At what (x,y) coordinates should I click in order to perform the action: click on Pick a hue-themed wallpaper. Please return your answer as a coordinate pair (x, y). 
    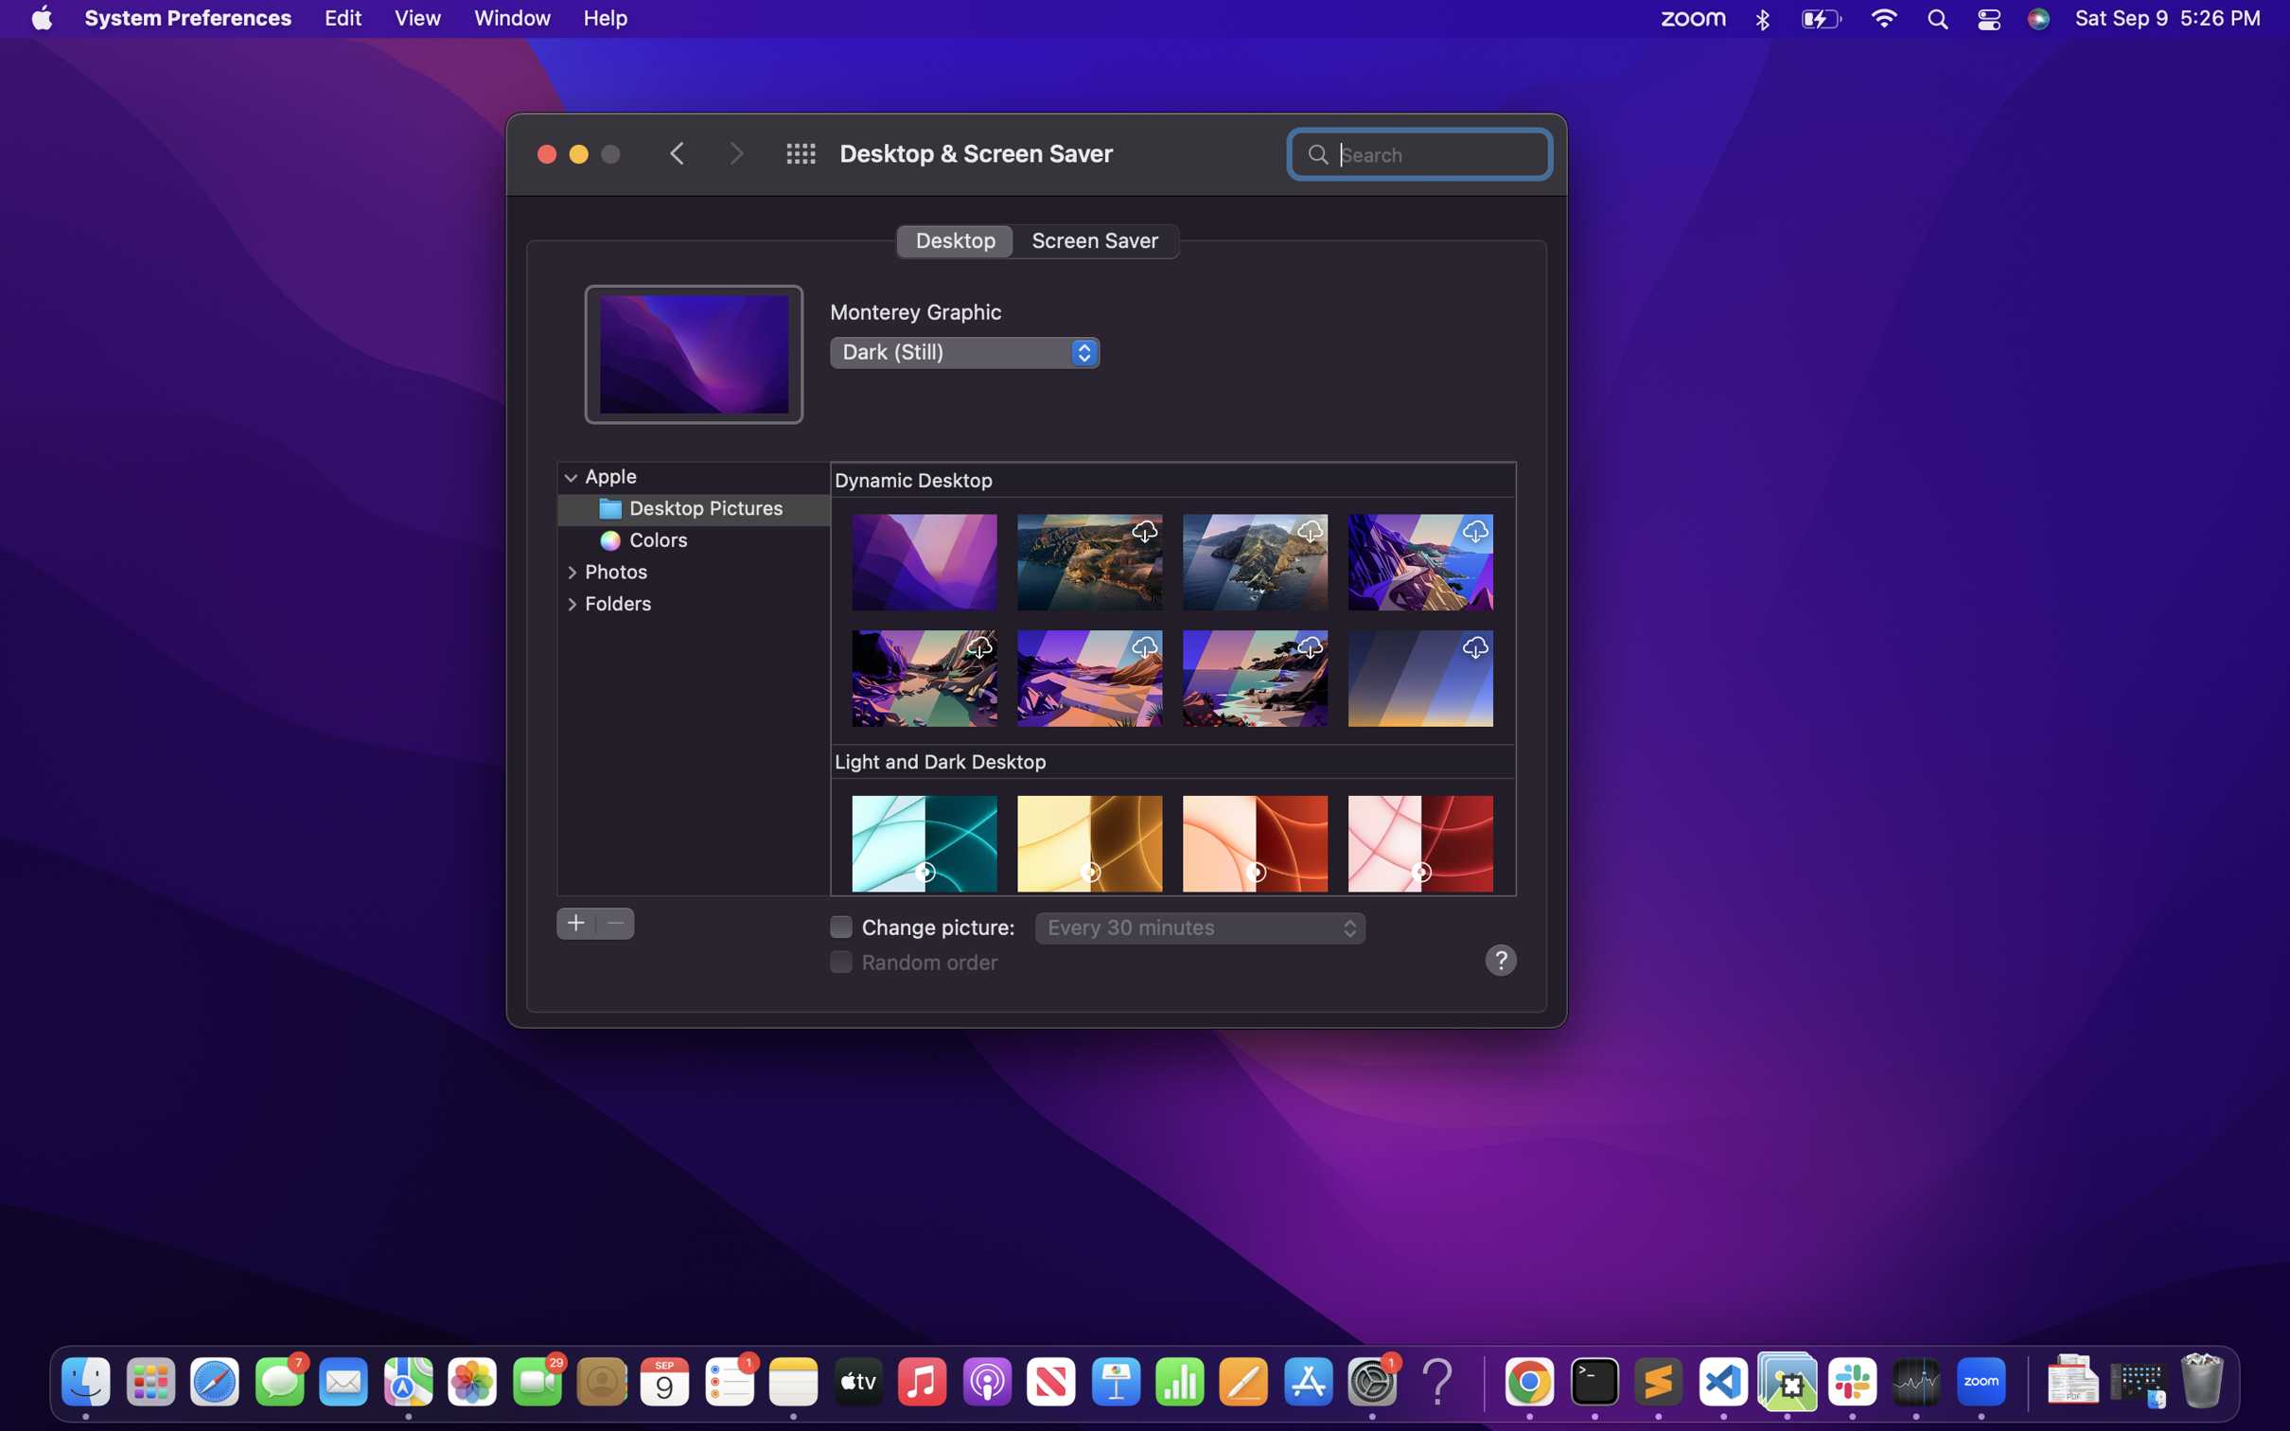
    Looking at the image, I should click on (697, 540).